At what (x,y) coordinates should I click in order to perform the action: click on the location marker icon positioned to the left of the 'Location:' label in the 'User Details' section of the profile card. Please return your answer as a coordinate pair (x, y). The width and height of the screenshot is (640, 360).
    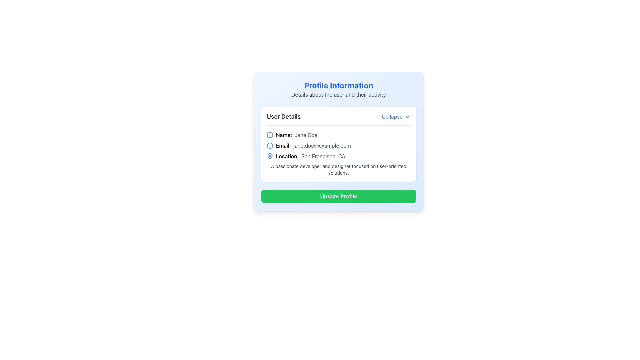
    Looking at the image, I should click on (270, 156).